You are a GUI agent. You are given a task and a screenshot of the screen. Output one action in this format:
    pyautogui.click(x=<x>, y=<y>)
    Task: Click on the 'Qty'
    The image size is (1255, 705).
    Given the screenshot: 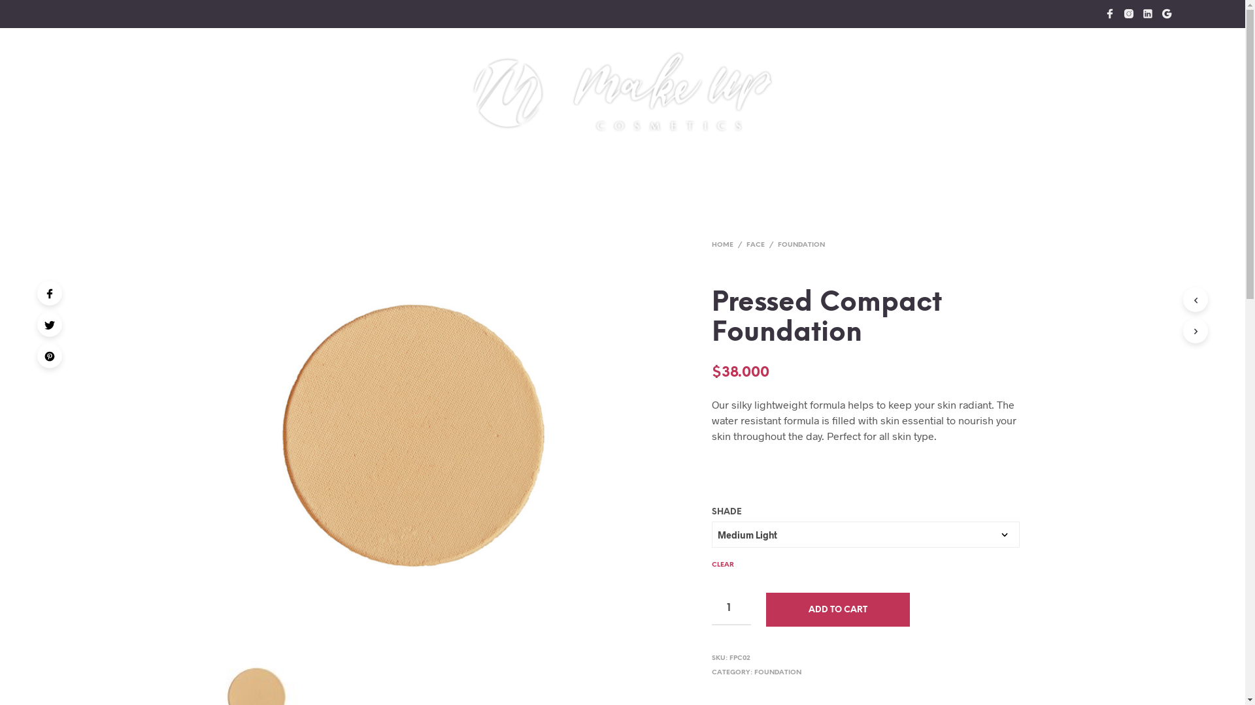 What is the action you would take?
    pyautogui.click(x=730, y=609)
    